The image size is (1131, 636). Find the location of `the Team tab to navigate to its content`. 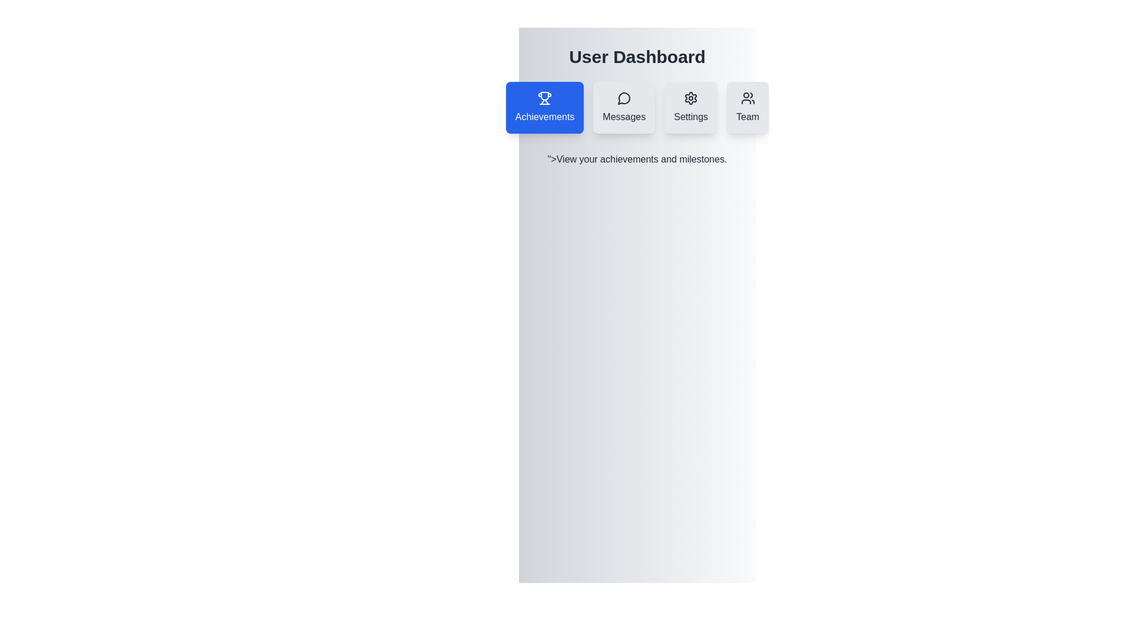

the Team tab to navigate to its content is located at coordinates (746, 107).